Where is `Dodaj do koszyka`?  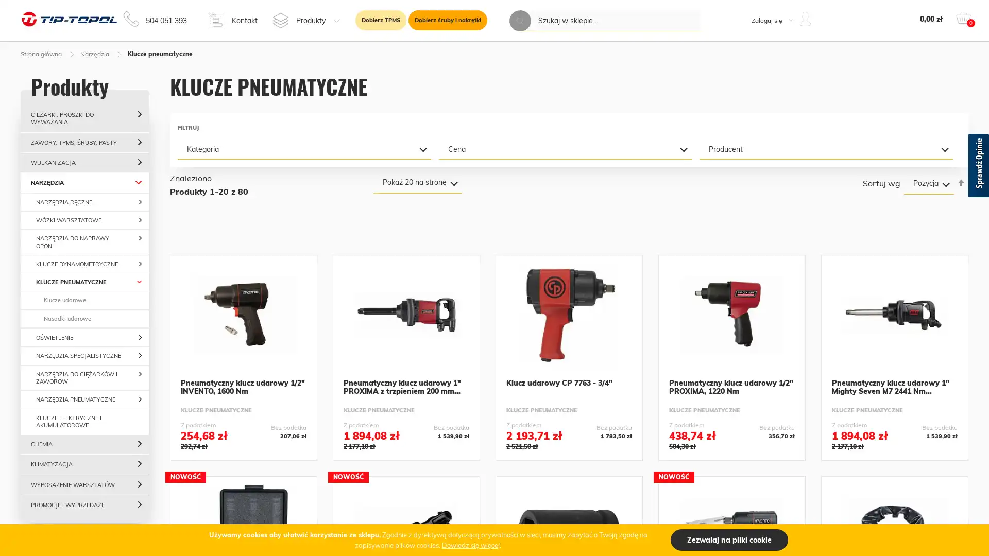 Dodaj do koszyka is located at coordinates (894, 446).